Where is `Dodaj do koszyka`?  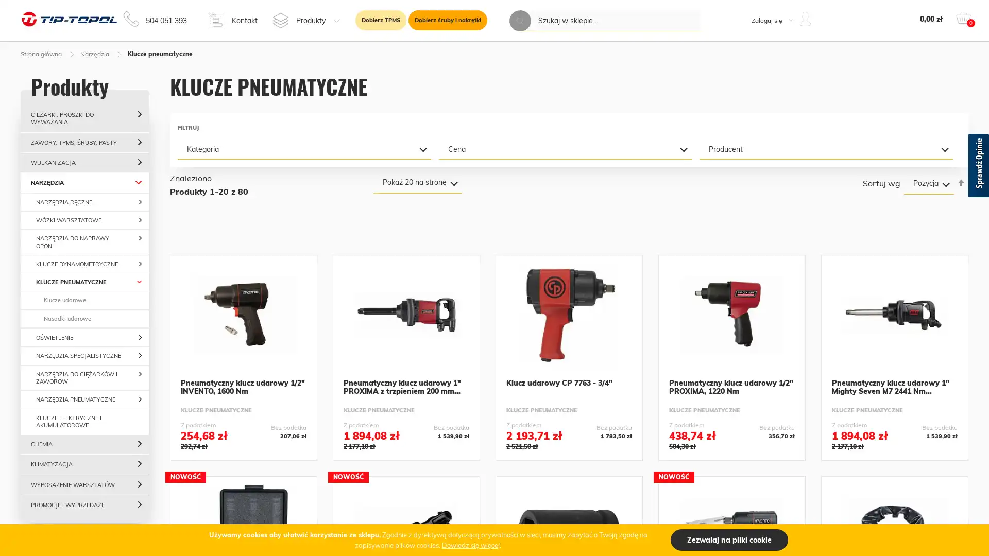 Dodaj do koszyka is located at coordinates (894, 446).